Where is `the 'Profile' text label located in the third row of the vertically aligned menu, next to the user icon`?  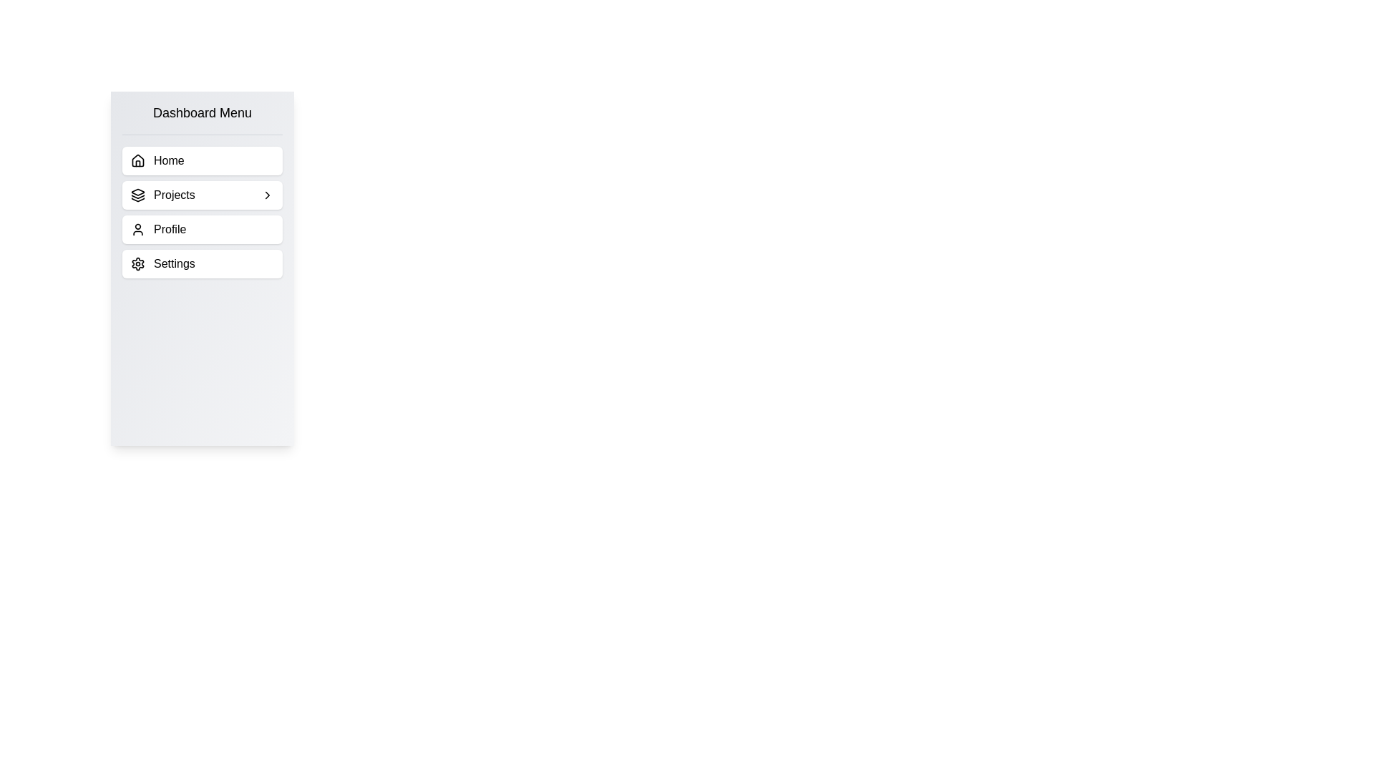
the 'Profile' text label located in the third row of the vertically aligned menu, next to the user icon is located at coordinates (170, 228).